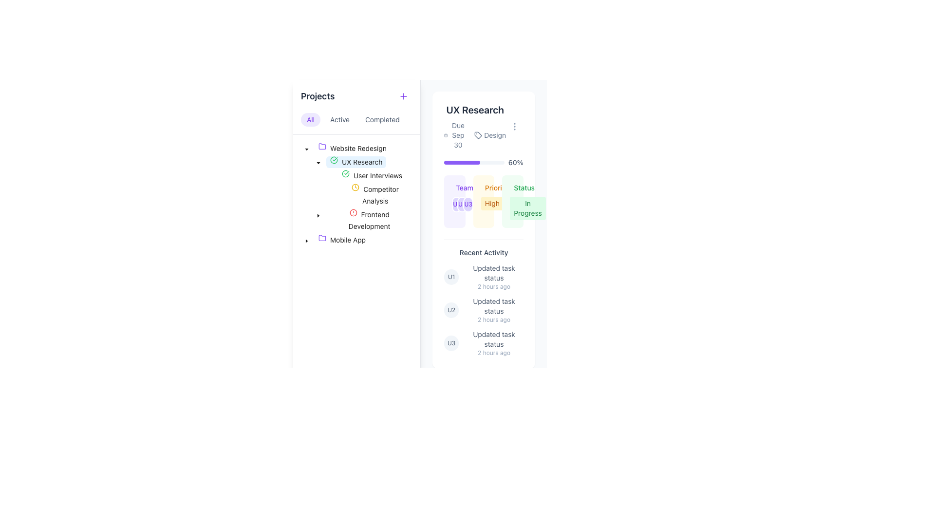 This screenshot has width=935, height=526. I want to click on the 'Frontend Development' tree node in the hierarchical list, so click(369, 220).